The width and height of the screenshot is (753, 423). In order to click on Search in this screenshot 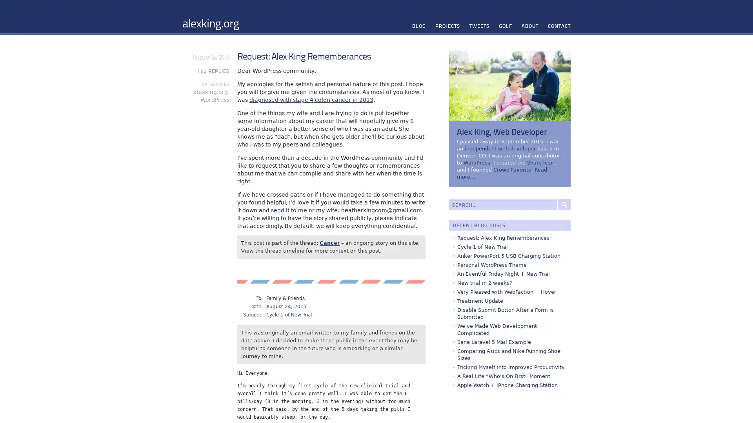, I will do `click(564, 204)`.